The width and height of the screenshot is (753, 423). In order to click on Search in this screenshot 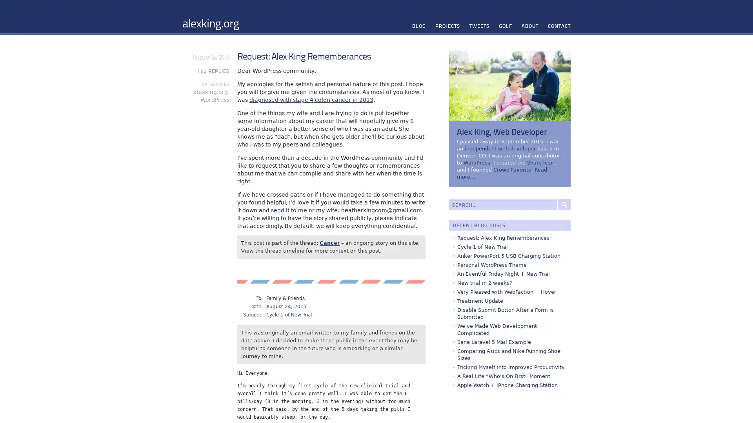, I will do `click(564, 204)`.